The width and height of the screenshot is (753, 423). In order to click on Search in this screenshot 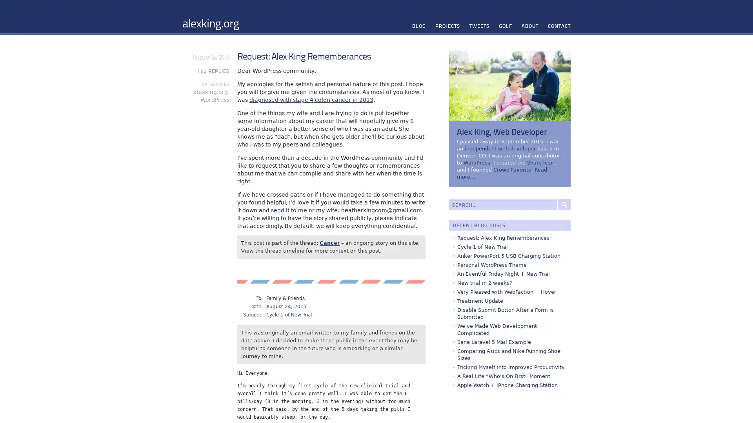, I will do `click(564, 204)`.